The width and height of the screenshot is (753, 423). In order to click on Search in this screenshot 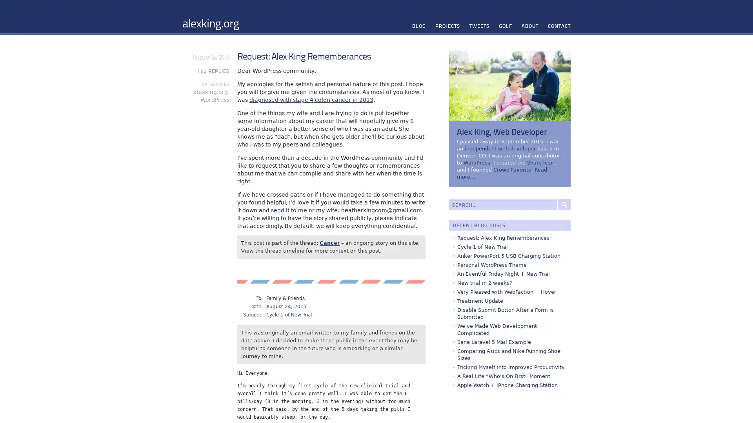, I will do `click(564, 204)`.